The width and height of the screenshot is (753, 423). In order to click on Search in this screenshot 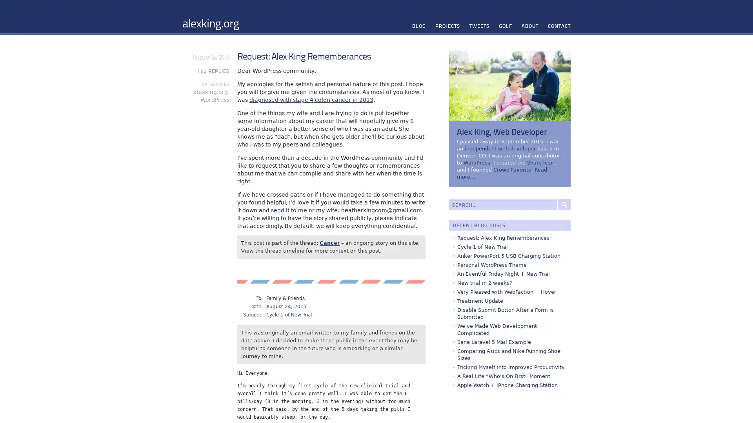, I will do `click(564, 204)`.